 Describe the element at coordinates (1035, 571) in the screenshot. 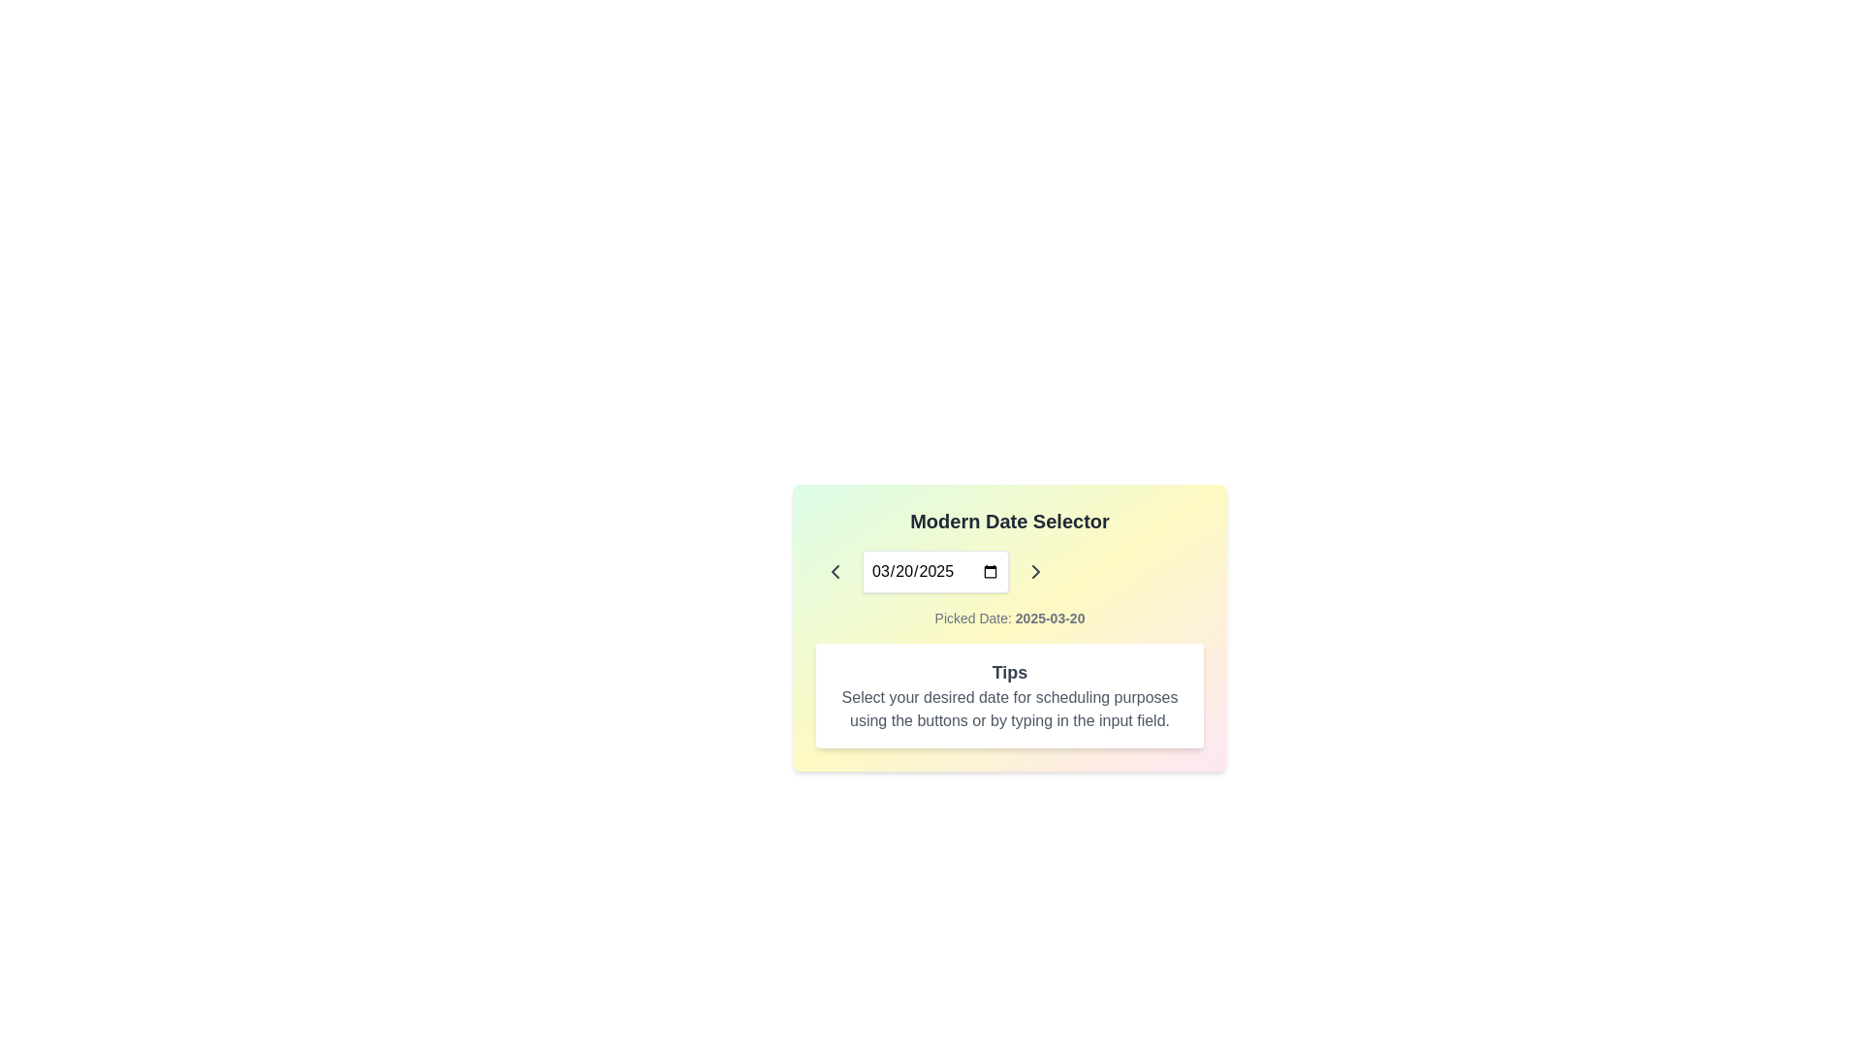

I see `the Chevron Icon located beside the date input field` at that location.